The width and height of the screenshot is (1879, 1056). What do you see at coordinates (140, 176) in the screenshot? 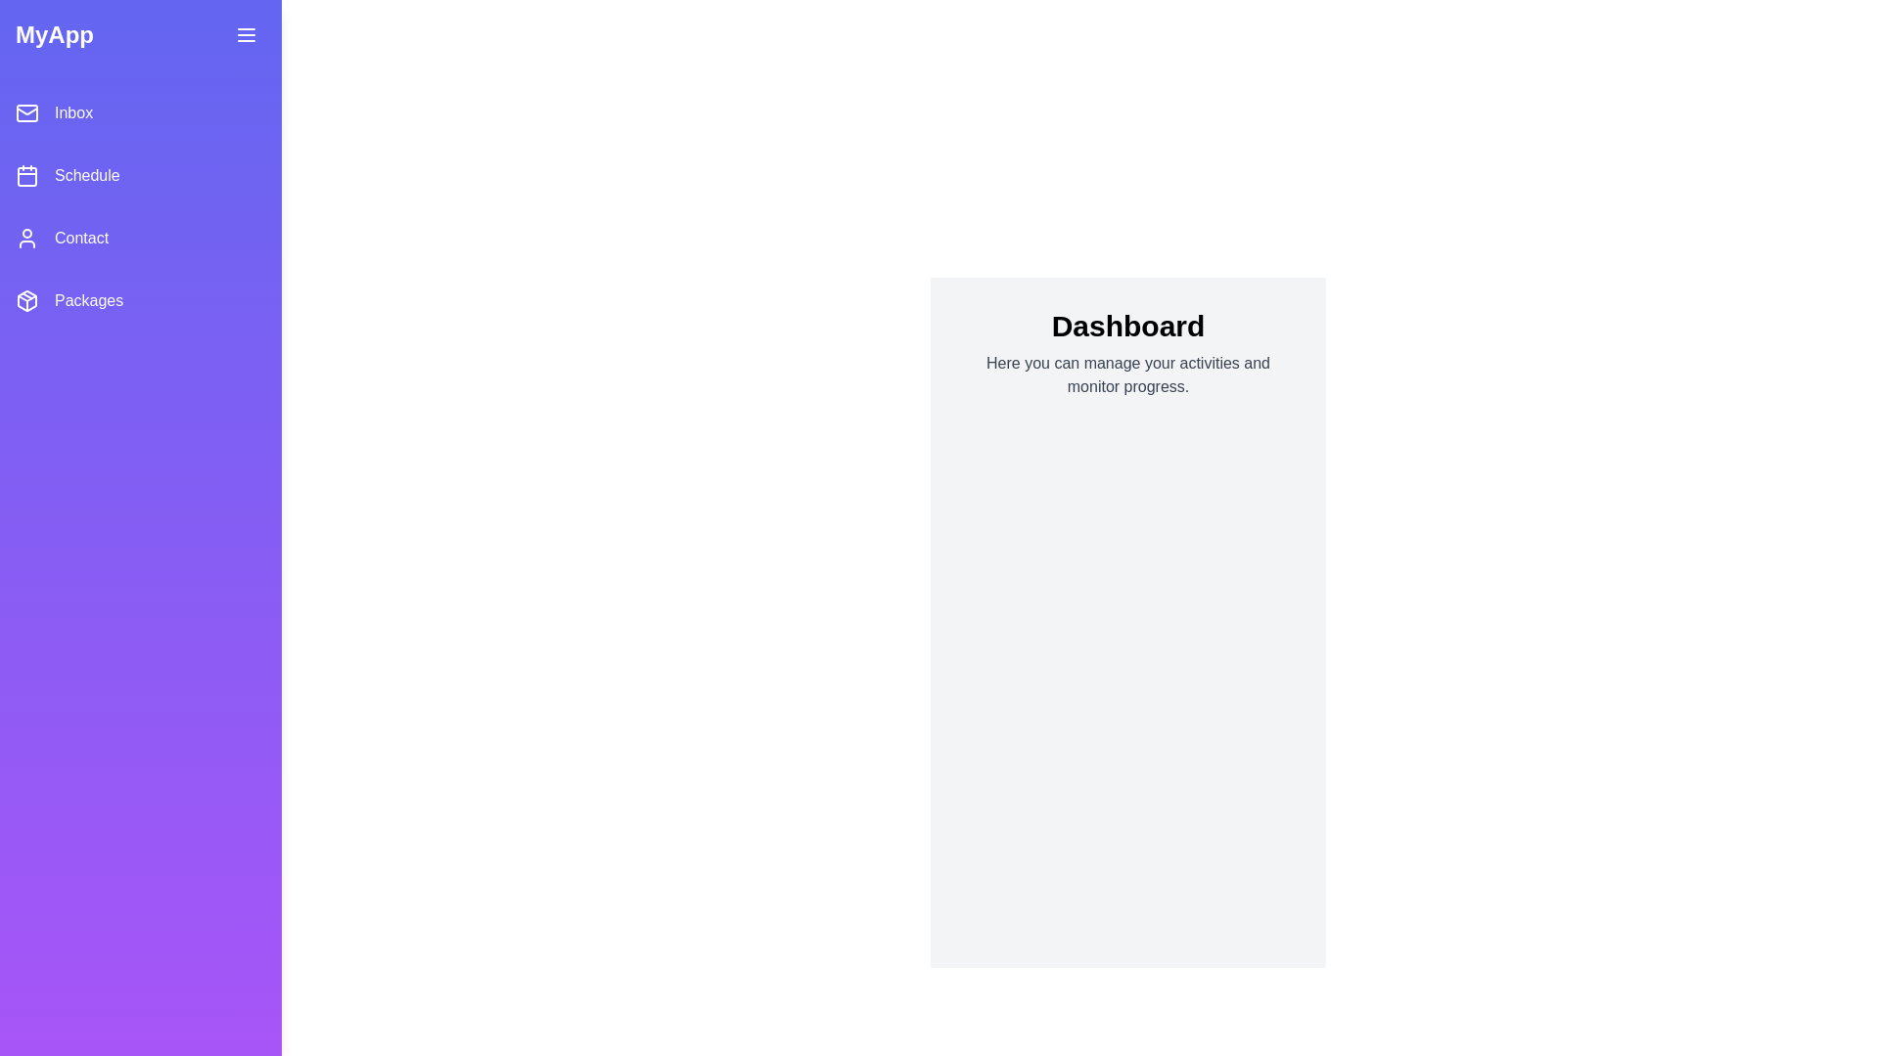
I see `the menu item labeled Schedule to navigate to the corresponding section` at bounding box center [140, 176].